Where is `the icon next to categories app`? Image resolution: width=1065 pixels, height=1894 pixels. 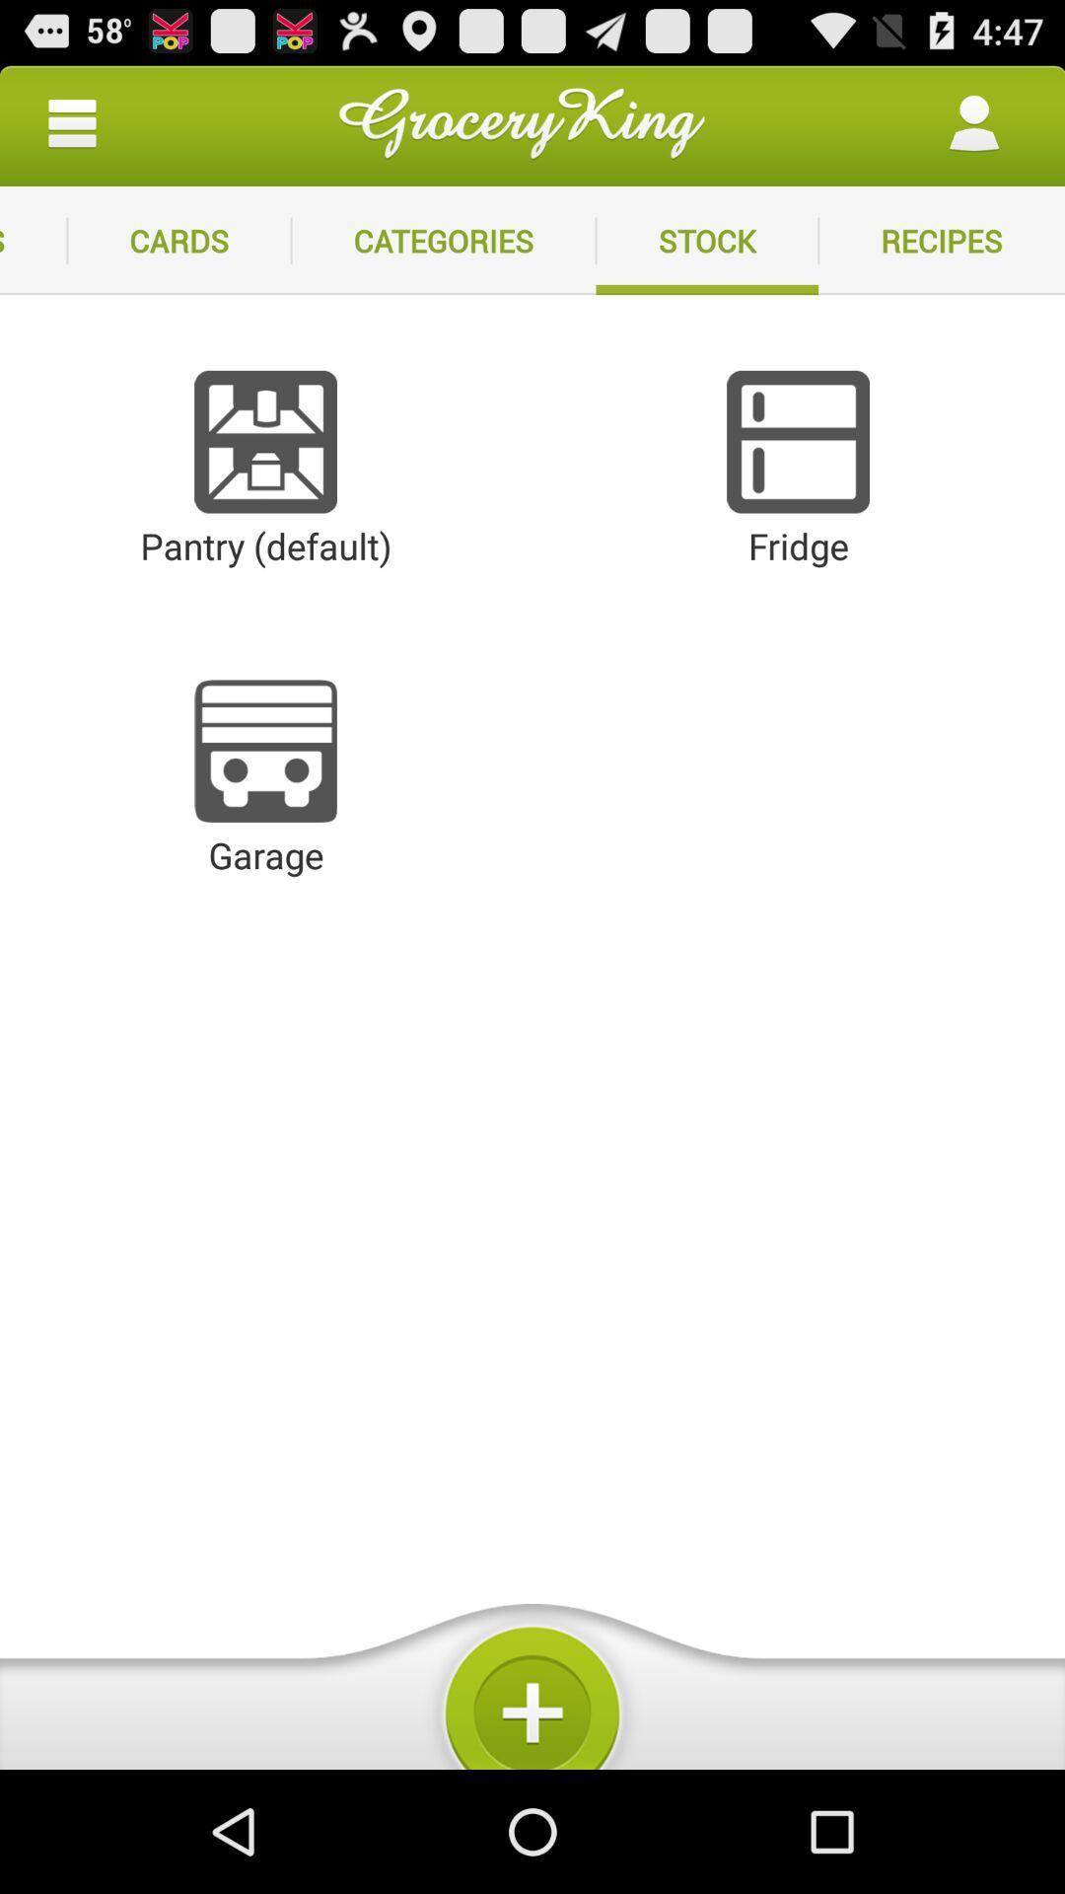
the icon next to categories app is located at coordinates (706, 240).